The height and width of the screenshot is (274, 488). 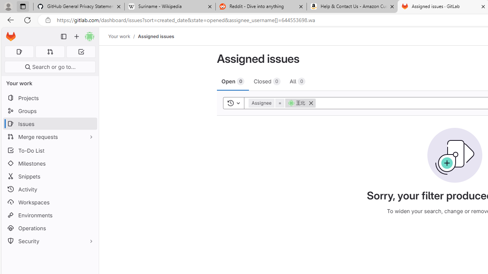 What do you see at coordinates (50, 163) in the screenshot?
I see `'Milestones'` at bounding box center [50, 163].